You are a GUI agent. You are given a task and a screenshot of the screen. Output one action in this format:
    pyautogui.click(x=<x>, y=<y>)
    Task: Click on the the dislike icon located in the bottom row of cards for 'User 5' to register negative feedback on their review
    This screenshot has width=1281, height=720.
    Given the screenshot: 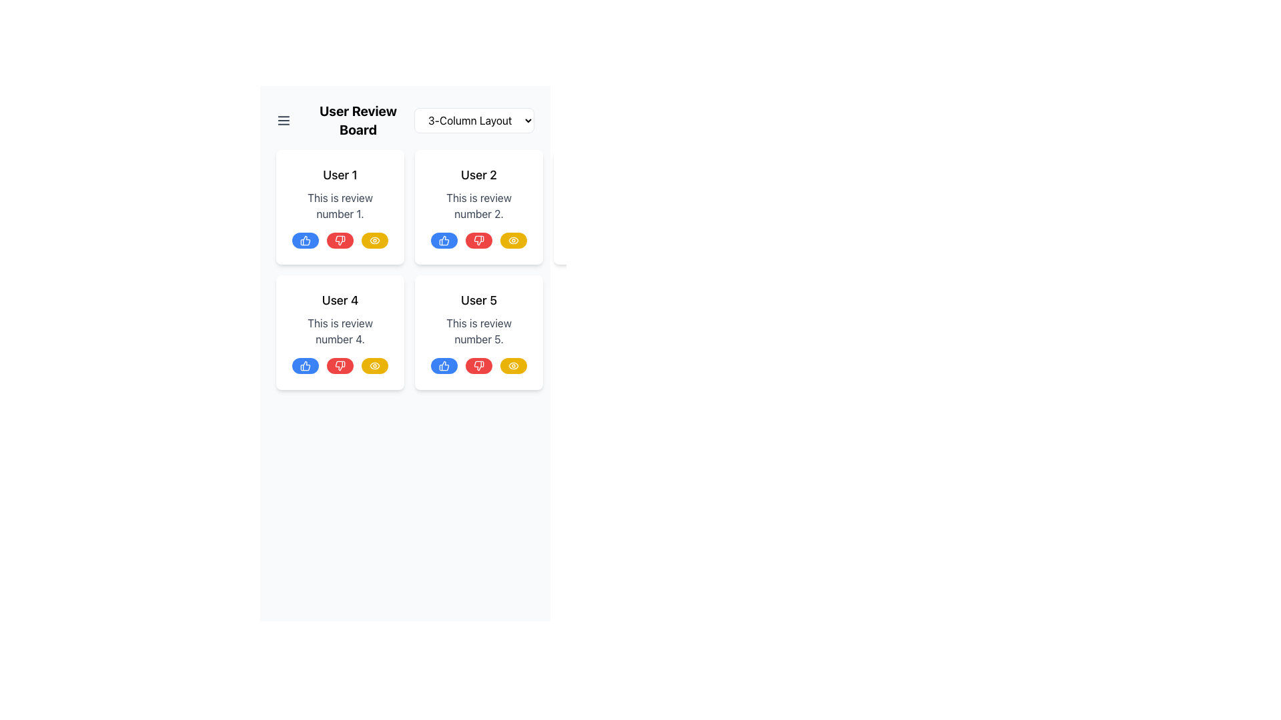 What is the action you would take?
    pyautogui.click(x=479, y=365)
    